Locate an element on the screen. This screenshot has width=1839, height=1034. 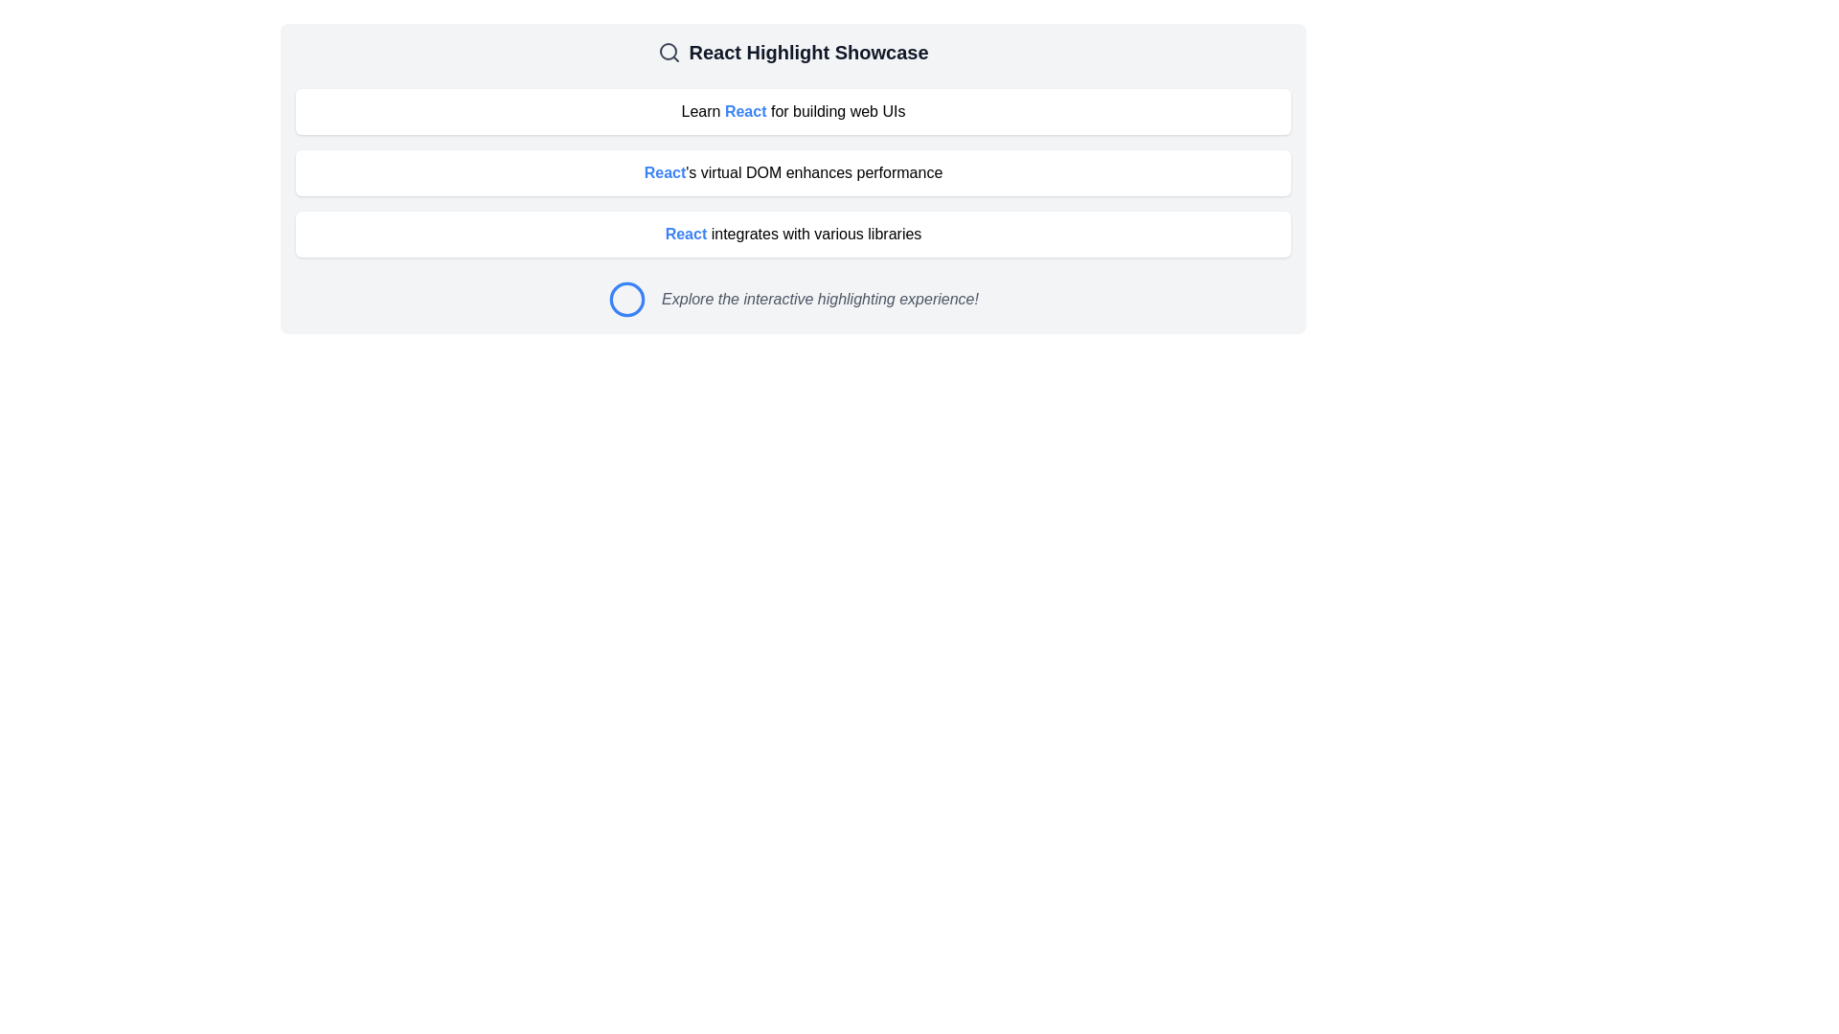
the heading text that reads 'React Highlight Showcase', which is a prominent bold title styled in dark gray on a light gray background, located at the upper center of the interface is located at coordinates (808, 51).